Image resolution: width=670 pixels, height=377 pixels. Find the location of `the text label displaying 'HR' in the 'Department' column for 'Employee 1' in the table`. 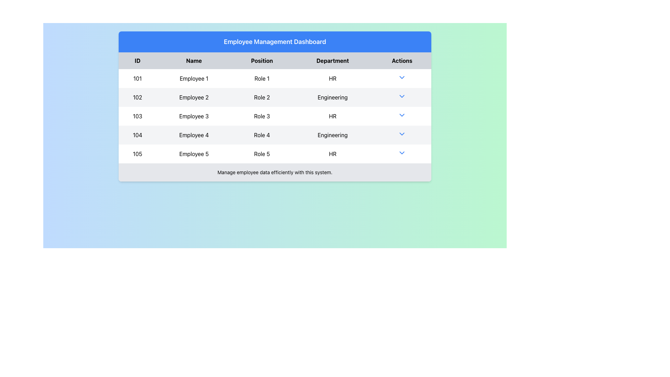

the text label displaying 'HR' in the 'Department' column for 'Employee 1' in the table is located at coordinates (332, 78).